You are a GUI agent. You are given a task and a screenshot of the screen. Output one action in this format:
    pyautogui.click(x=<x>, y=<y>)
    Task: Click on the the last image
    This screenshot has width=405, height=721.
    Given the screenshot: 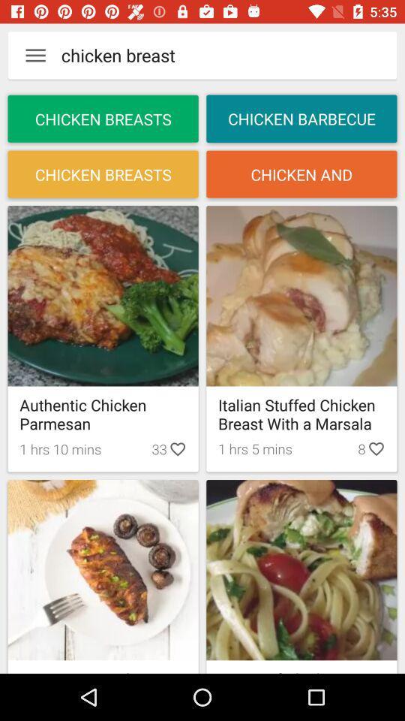 What is the action you would take?
    pyautogui.click(x=301, y=569)
    